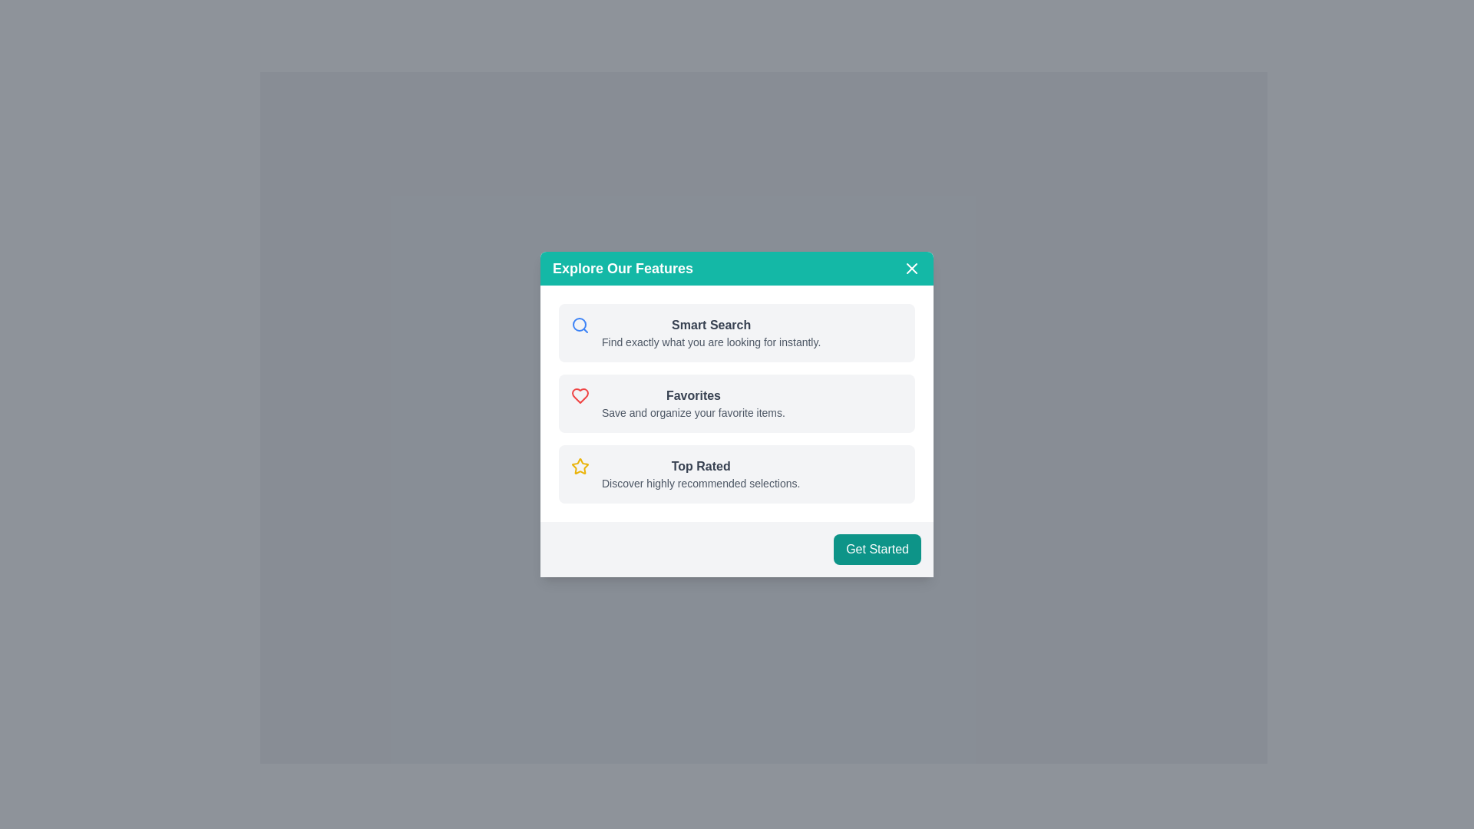 The height and width of the screenshot is (829, 1474). I want to click on the static text label that reads 'Discover highly recommended selections.' located beneath the 'Top Rated' title in the third section from the top, so click(700, 482).